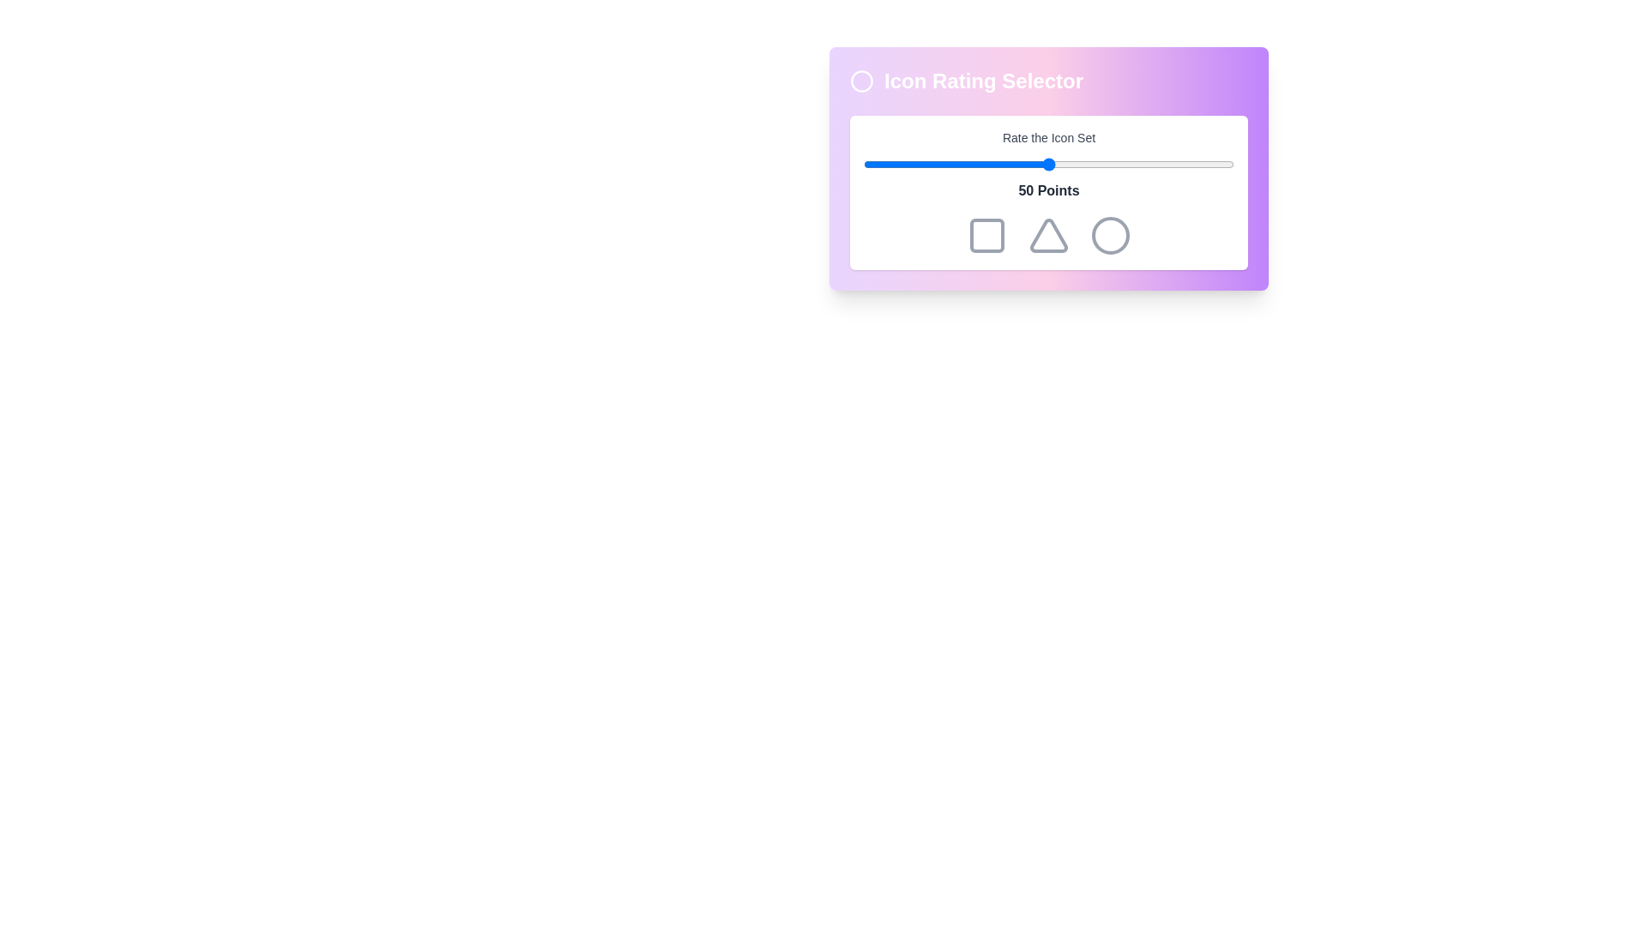 This screenshot has height=926, width=1647. Describe the element at coordinates (1141, 165) in the screenshot. I see `the slider to 75 percent to observe the color changes of the icons` at that location.